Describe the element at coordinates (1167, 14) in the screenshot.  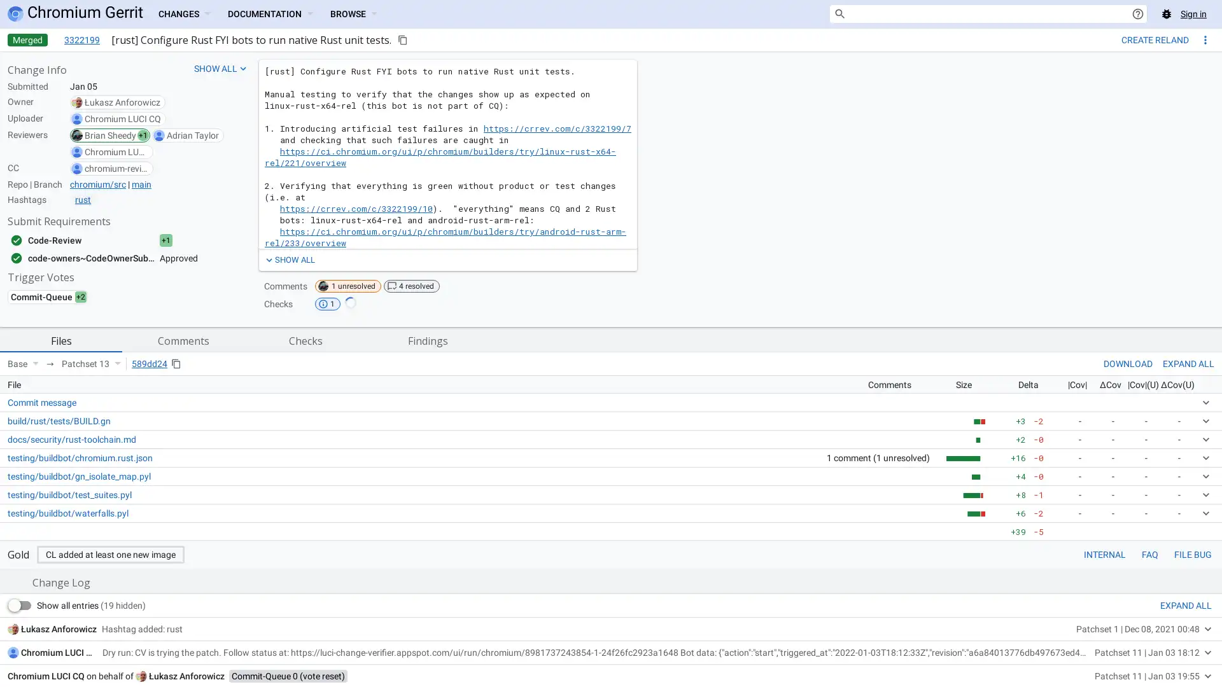
I see `File a bug` at that location.